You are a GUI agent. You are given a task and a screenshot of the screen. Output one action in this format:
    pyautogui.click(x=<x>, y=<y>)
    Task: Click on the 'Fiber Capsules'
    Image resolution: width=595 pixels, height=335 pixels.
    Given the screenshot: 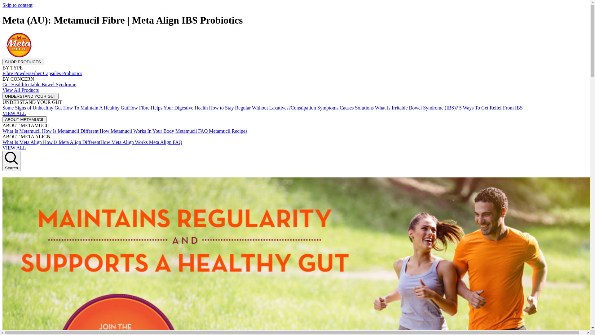 What is the action you would take?
    pyautogui.click(x=31, y=73)
    